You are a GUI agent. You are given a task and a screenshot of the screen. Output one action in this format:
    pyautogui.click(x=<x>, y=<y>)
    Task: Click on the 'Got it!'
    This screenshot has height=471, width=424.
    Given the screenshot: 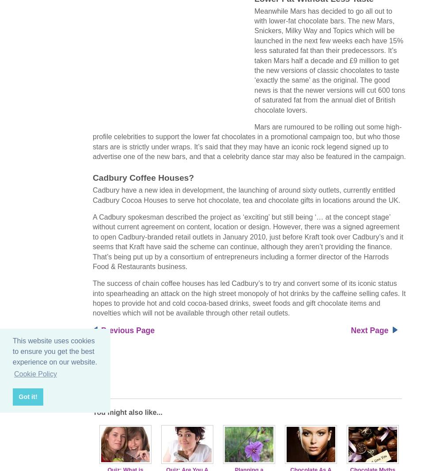 What is the action you would take?
    pyautogui.click(x=27, y=396)
    